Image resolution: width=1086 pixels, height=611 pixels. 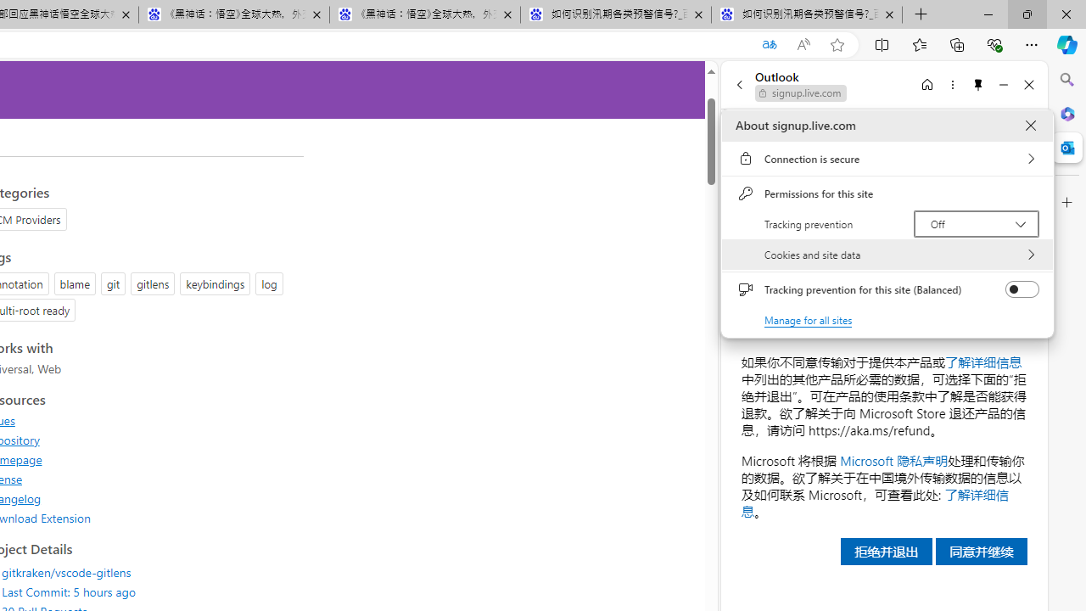 I want to click on 'Permissions for this site', so click(x=887, y=193).